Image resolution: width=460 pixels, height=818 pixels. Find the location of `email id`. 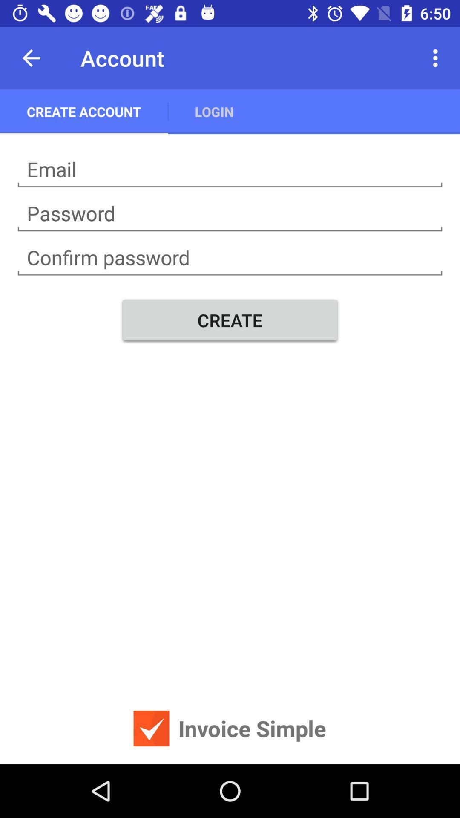

email id is located at coordinates (230, 170).